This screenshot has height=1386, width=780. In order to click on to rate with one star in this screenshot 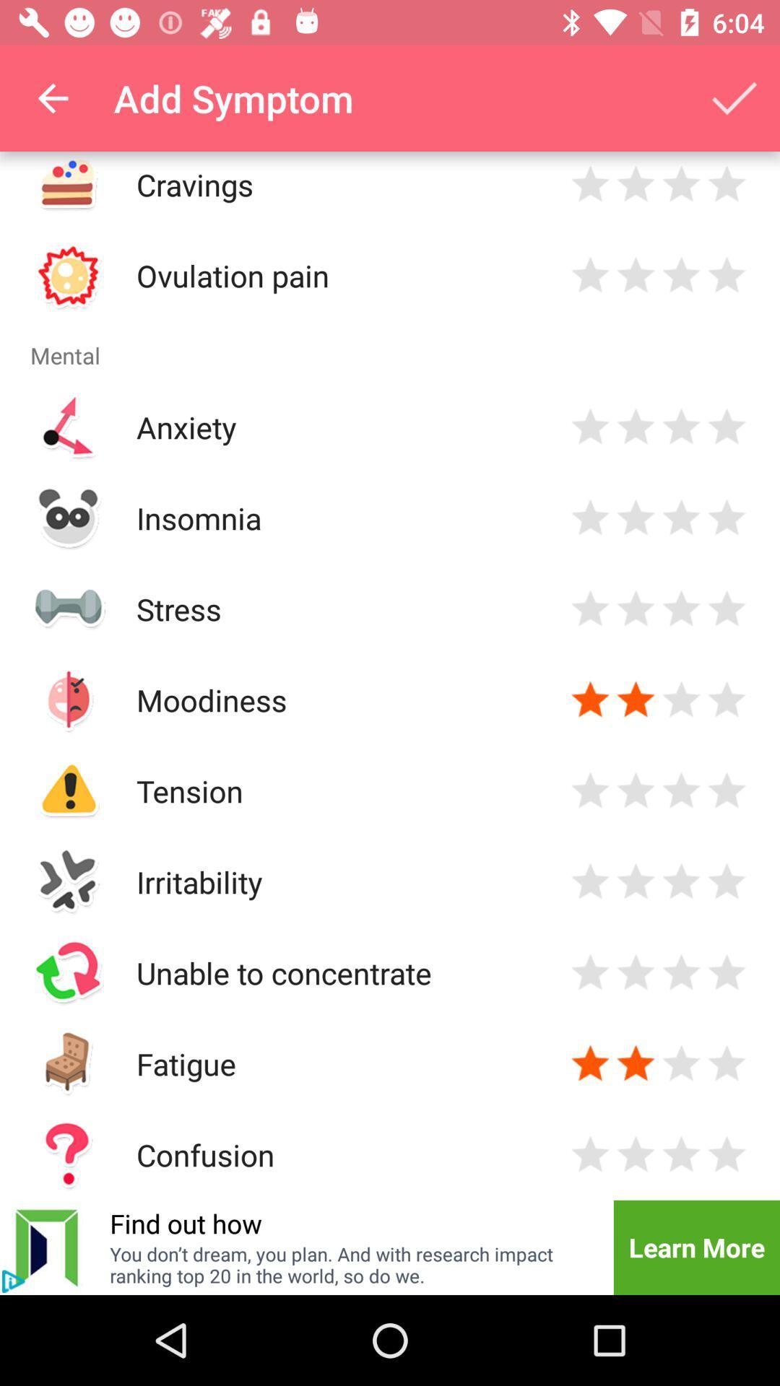, I will do `click(590, 1063)`.